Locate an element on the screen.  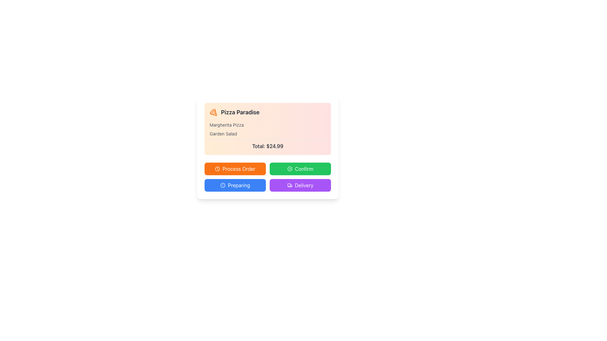
the pizza icon located to the far left of the 'Pizza Paradise' section, adjacent to the title text is located at coordinates (213, 112).